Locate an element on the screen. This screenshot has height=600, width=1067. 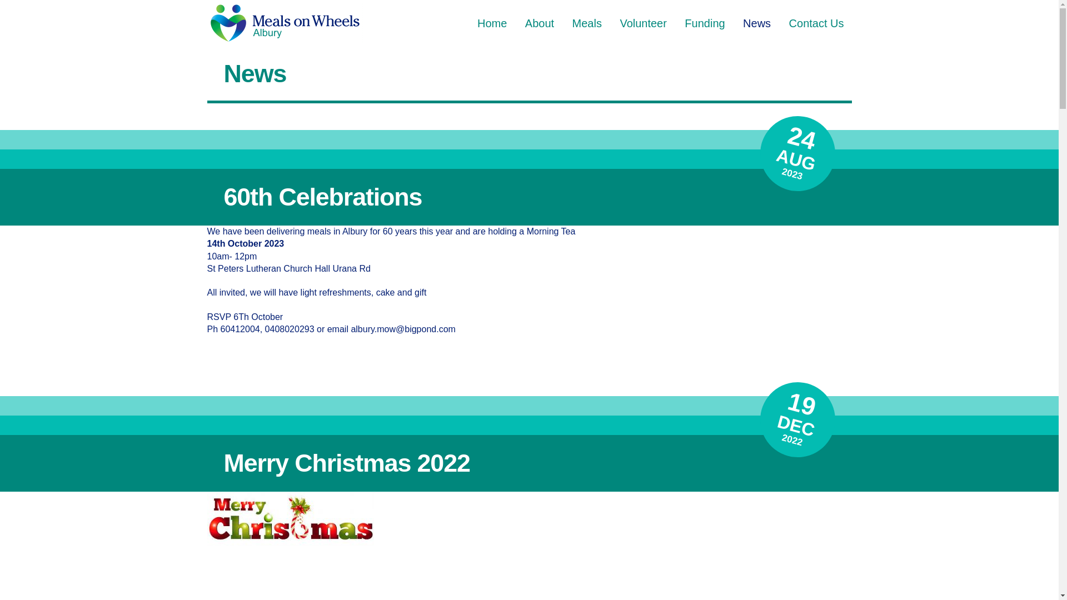
'Volunteer' is located at coordinates (611, 23).